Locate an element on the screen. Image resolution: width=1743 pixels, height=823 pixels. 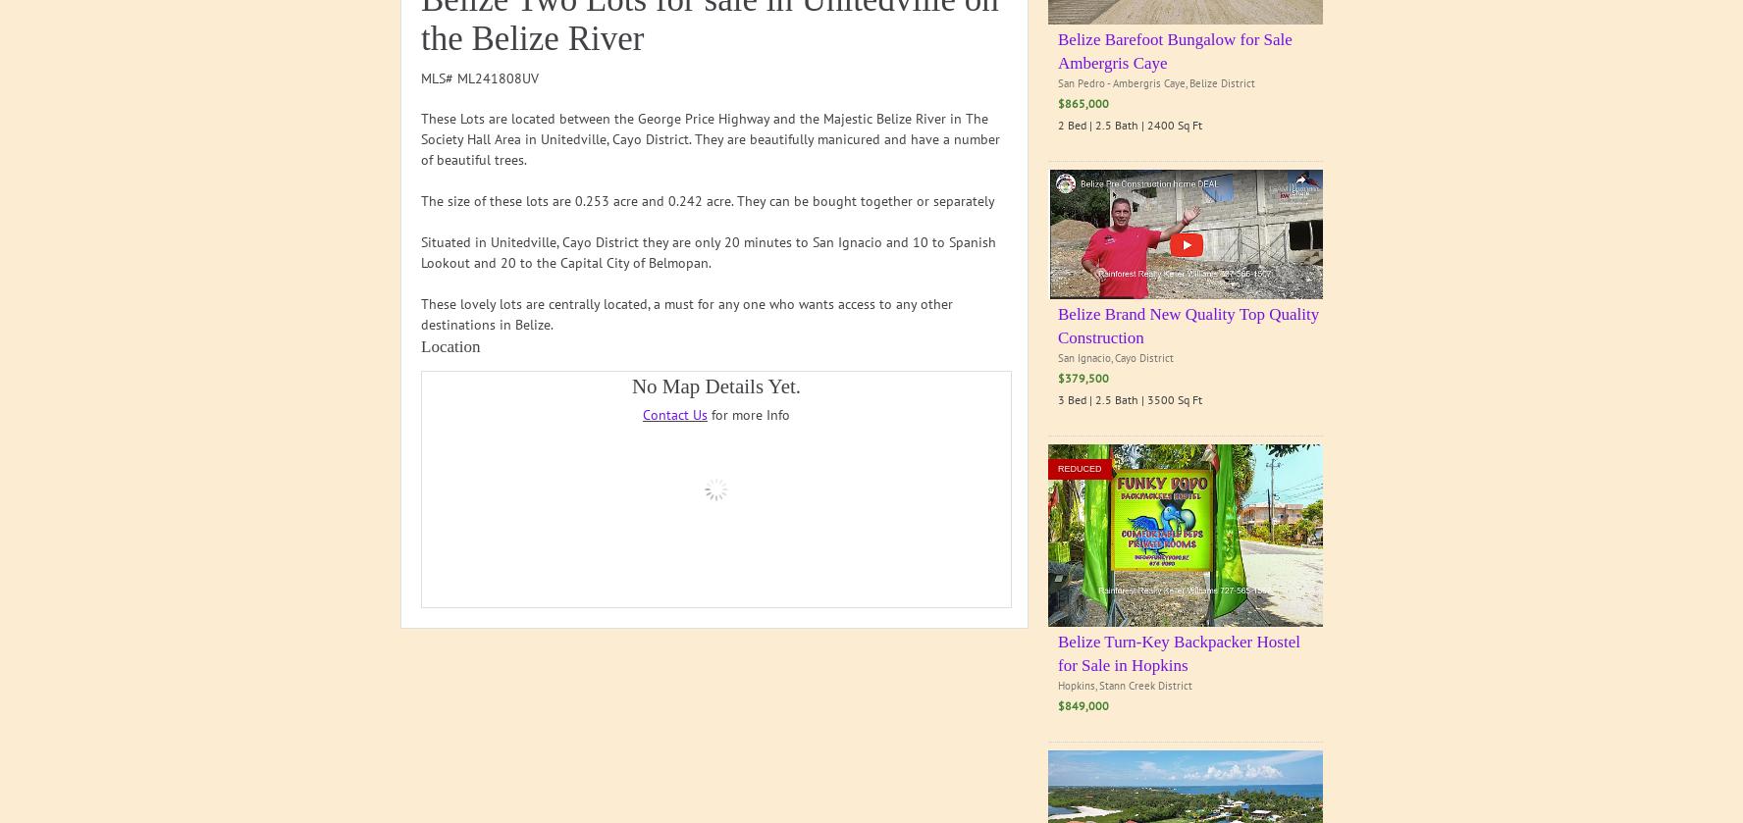
'Belize Brand New Quality Top Quality Construction' is located at coordinates (1188, 325).